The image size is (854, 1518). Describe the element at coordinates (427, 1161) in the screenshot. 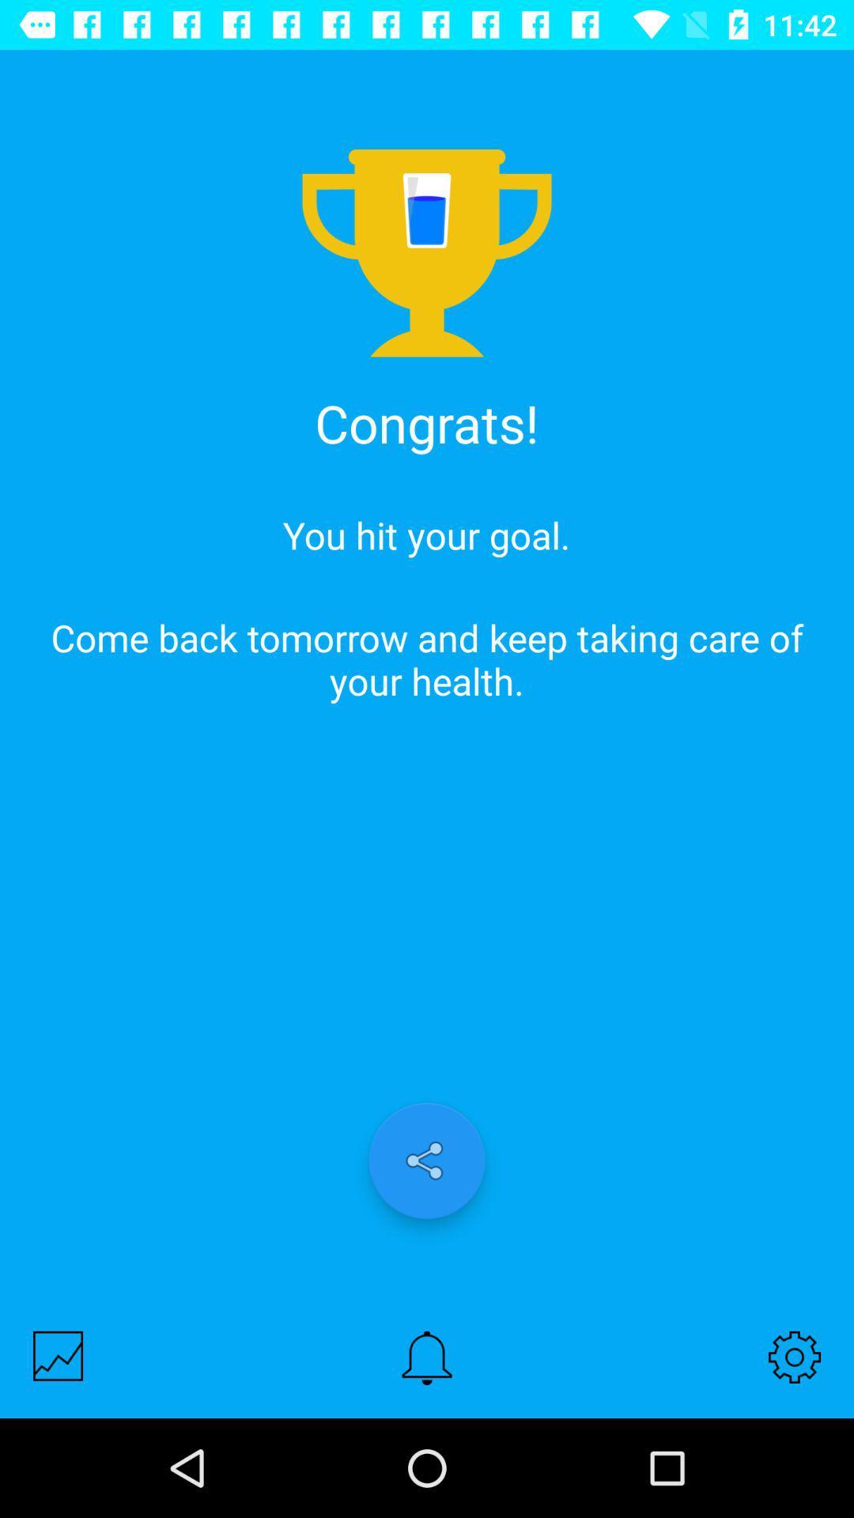

I see `share your achievement` at that location.